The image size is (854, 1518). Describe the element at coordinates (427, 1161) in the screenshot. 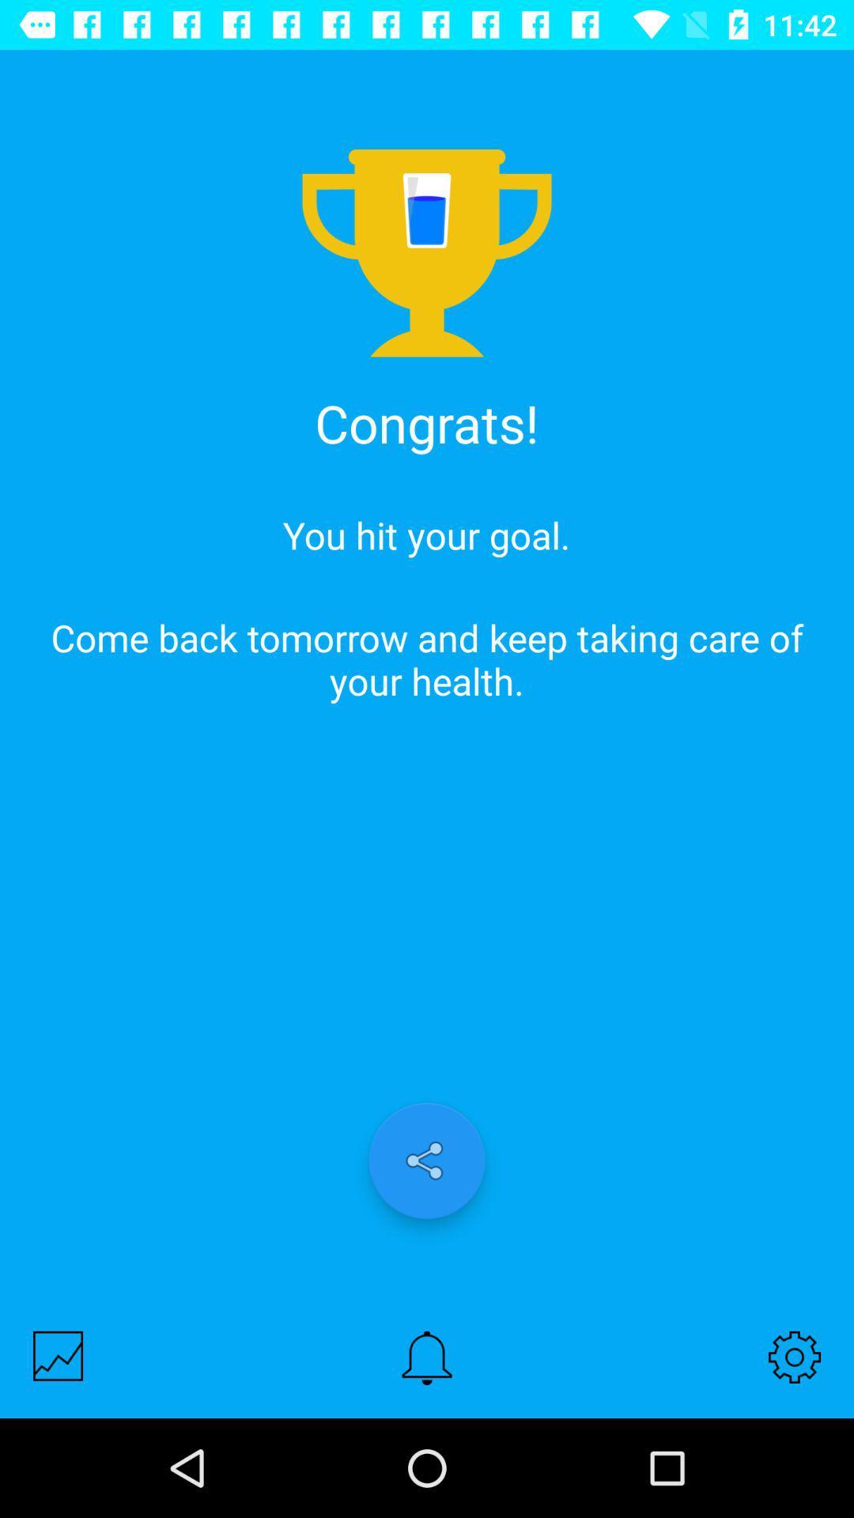

I see `share your achievement` at that location.